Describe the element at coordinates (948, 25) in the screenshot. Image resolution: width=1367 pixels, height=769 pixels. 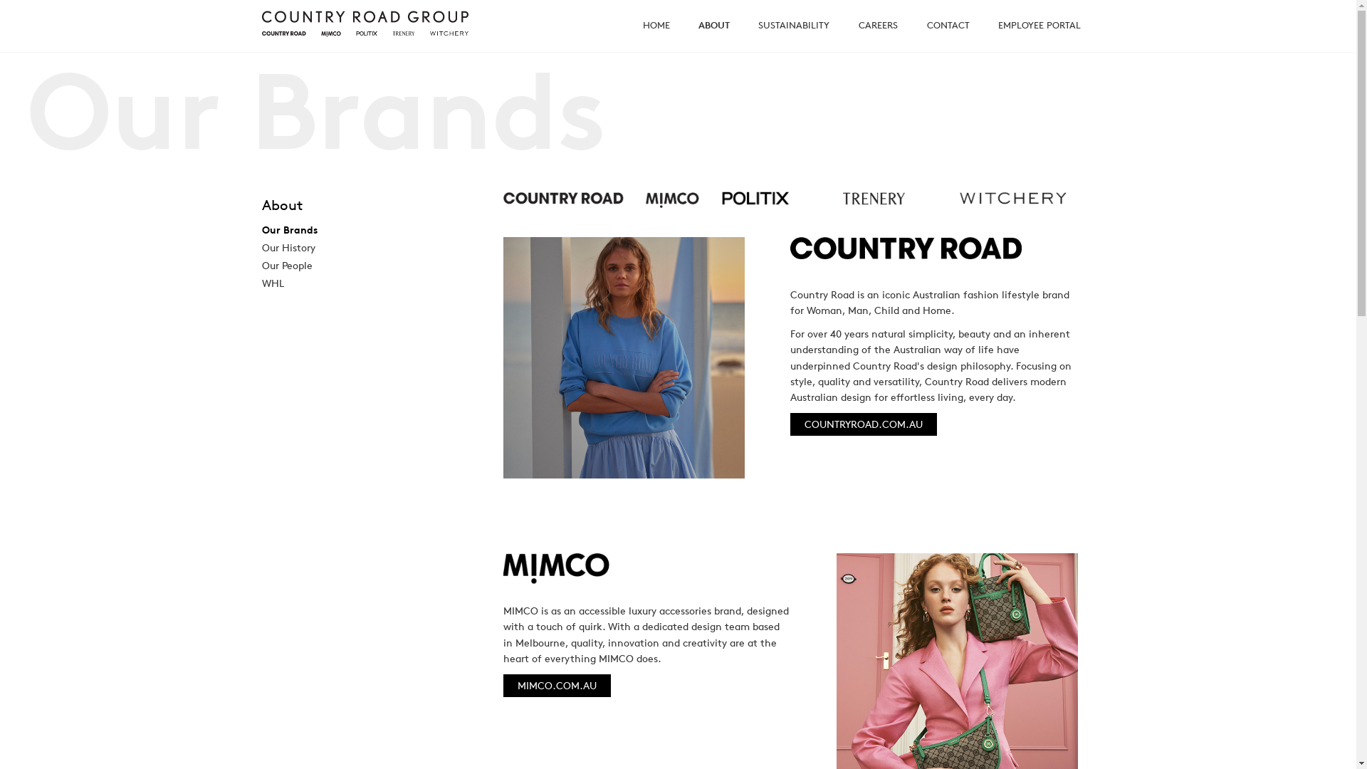
I see `'CONTACT'` at that location.